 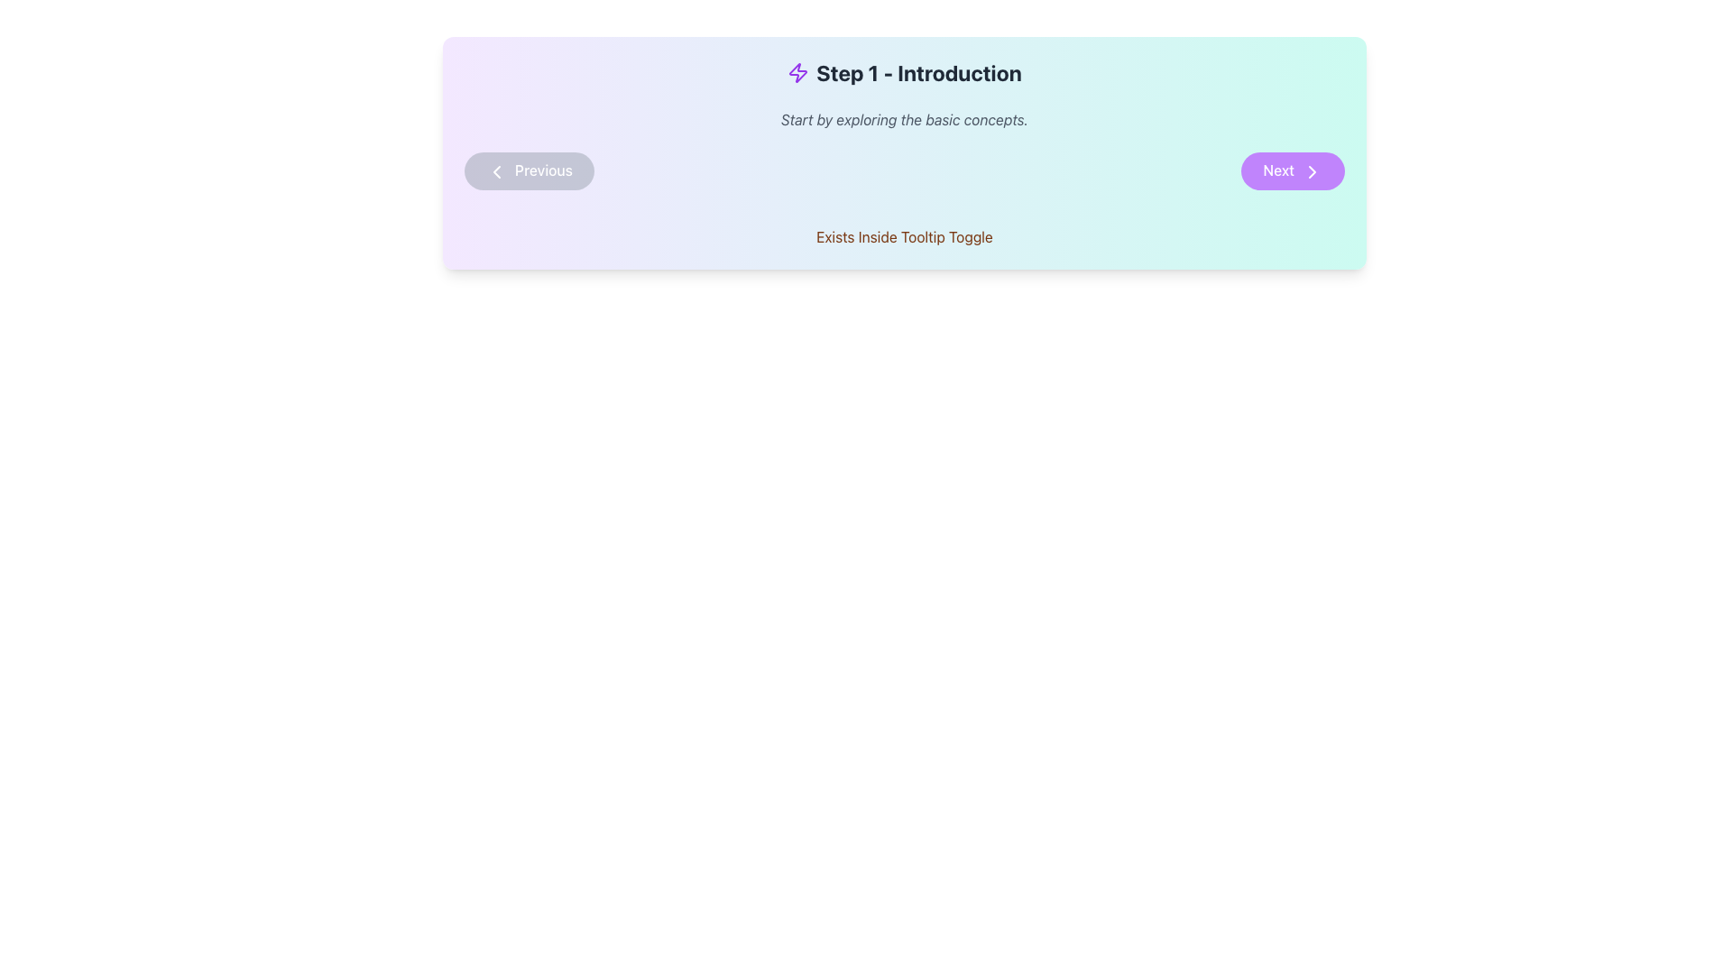 I want to click on the stylized lightning bolt icon, which is purple in color and located to the left of the text heading 'Step 1 - Introduction' in the upper left part of the central panel, so click(x=797, y=72).